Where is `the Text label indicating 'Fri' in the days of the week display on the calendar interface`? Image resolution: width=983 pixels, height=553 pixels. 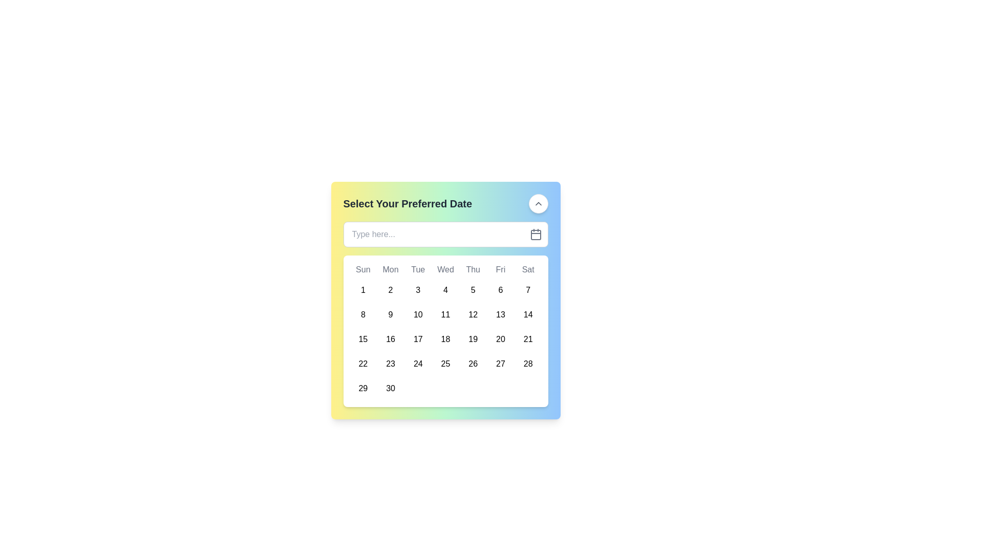 the Text label indicating 'Fri' in the days of the week display on the calendar interface is located at coordinates (500, 269).